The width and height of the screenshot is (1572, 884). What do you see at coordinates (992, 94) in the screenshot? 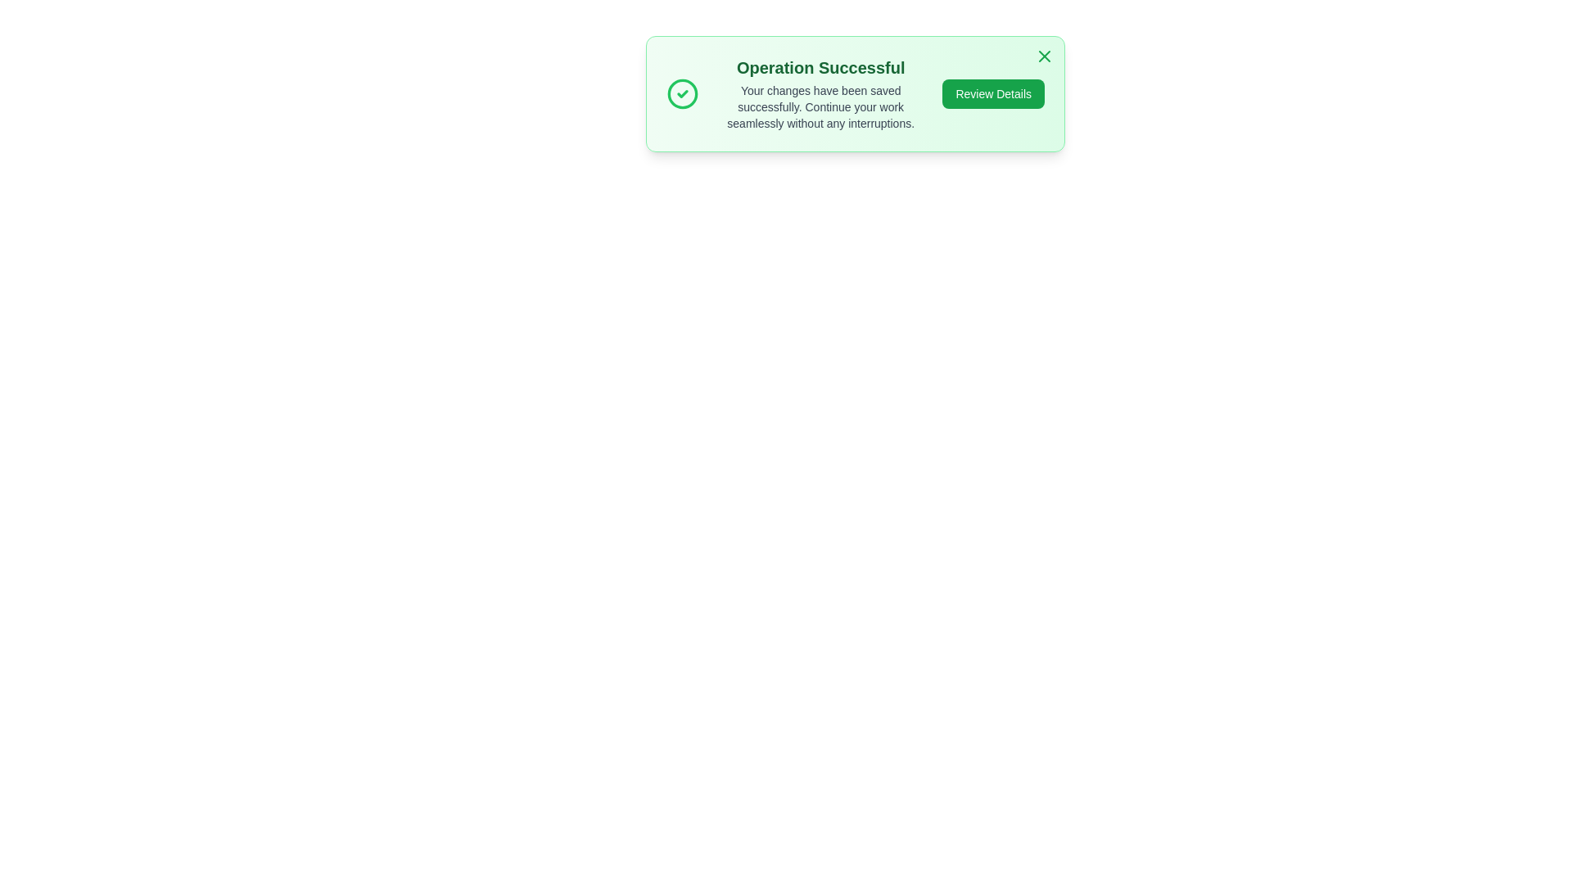
I see `the 'Review Details' button to navigate to the details page` at bounding box center [992, 94].